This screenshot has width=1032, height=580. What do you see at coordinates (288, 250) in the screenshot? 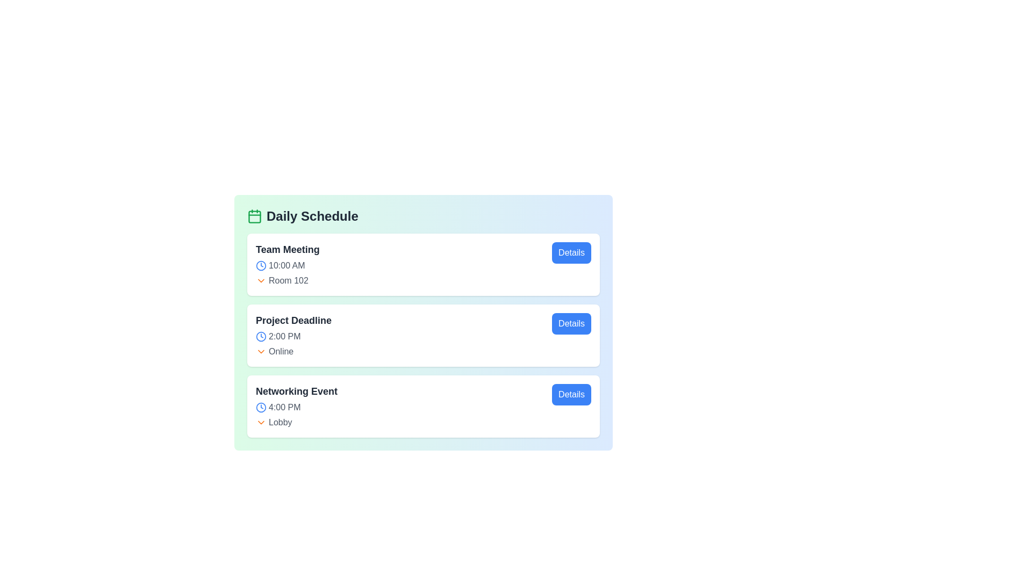
I see `text 'Team Meeting' which is displayed at the top of the first block in the schedule interface, styled in bold and larger font` at bounding box center [288, 250].